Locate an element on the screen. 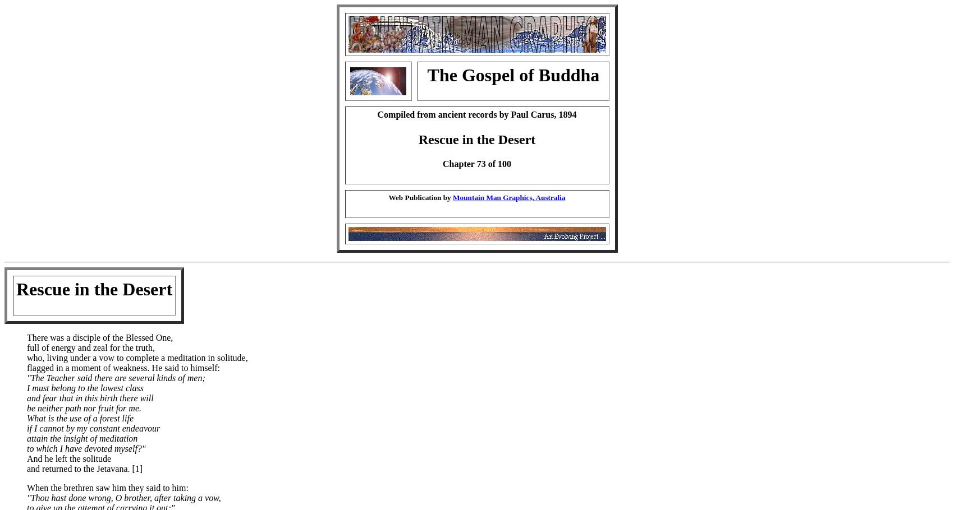  'And  he  left the solitude' is located at coordinates (68, 458).